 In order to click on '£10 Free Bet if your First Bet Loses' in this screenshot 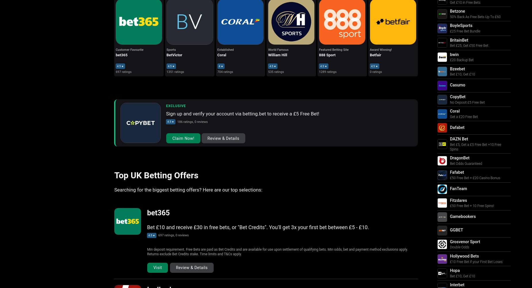, I will do `click(449, 261)`.